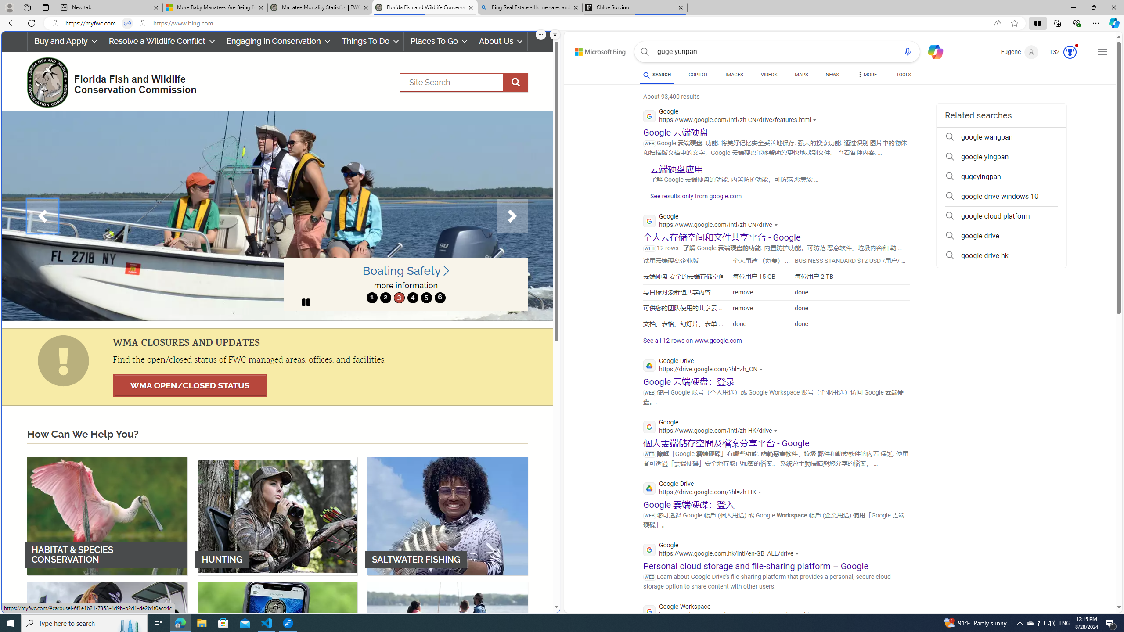 This screenshot has width=1124, height=632. Describe the element at coordinates (657, 74) in the screenshot. I see `'SEARCH'` at that location.